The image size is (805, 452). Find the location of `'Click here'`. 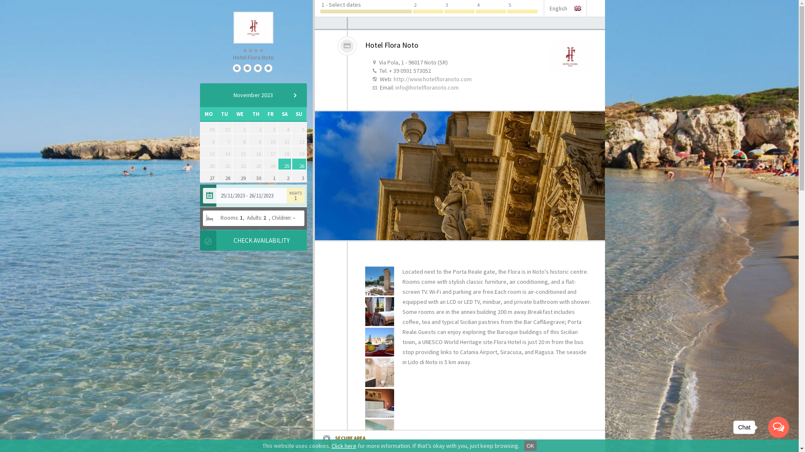

'Click here' is located at coordinates (343, 445).